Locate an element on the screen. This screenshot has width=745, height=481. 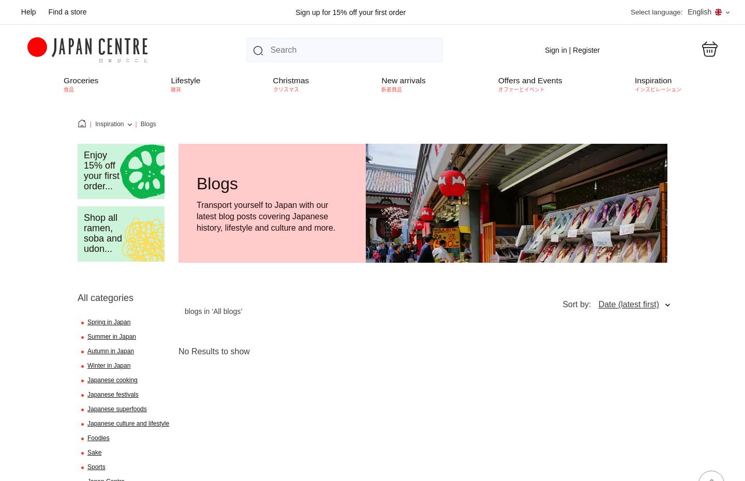
'Enjoy 15% off your first order...' is located at coordinates (83, 170).